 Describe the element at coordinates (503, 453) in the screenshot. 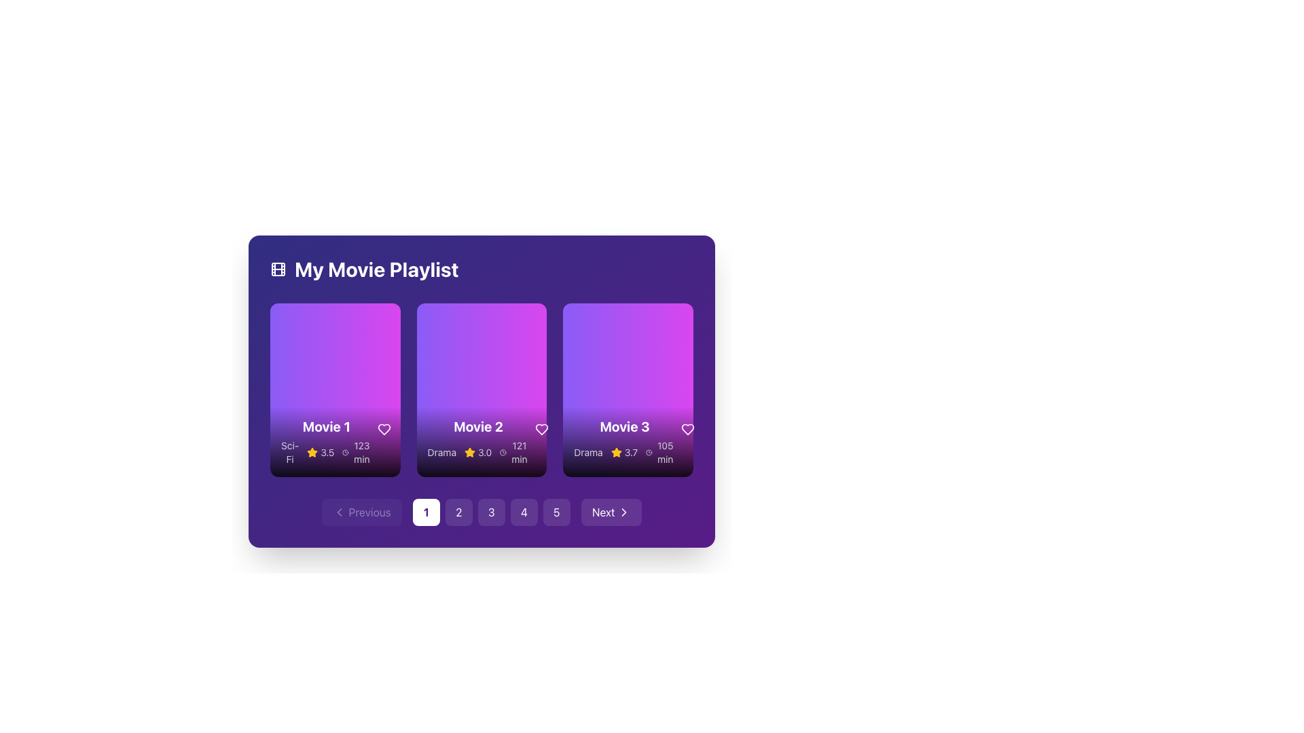

I see `the clock icon SVG element that indicates duration, located in the second card of a horizontally aligned card group, to the left of the text '121 min'` at that location.